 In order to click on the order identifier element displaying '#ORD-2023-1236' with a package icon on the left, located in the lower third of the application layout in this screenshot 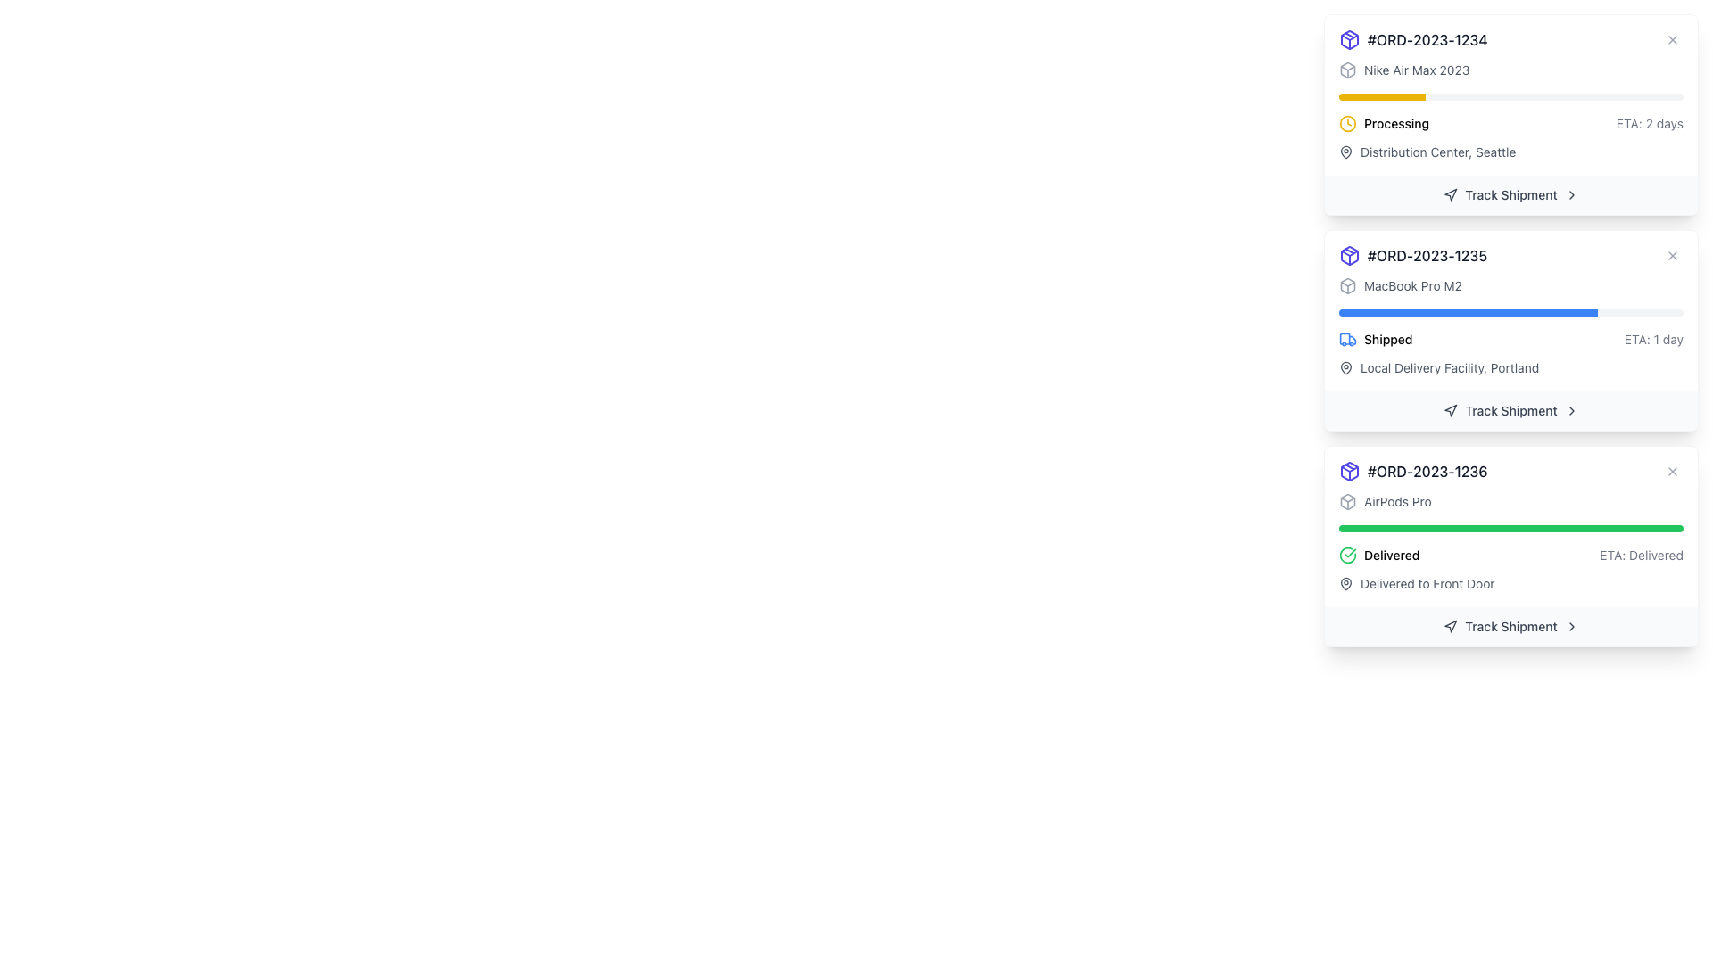, I will do `click(1412, 470)`.